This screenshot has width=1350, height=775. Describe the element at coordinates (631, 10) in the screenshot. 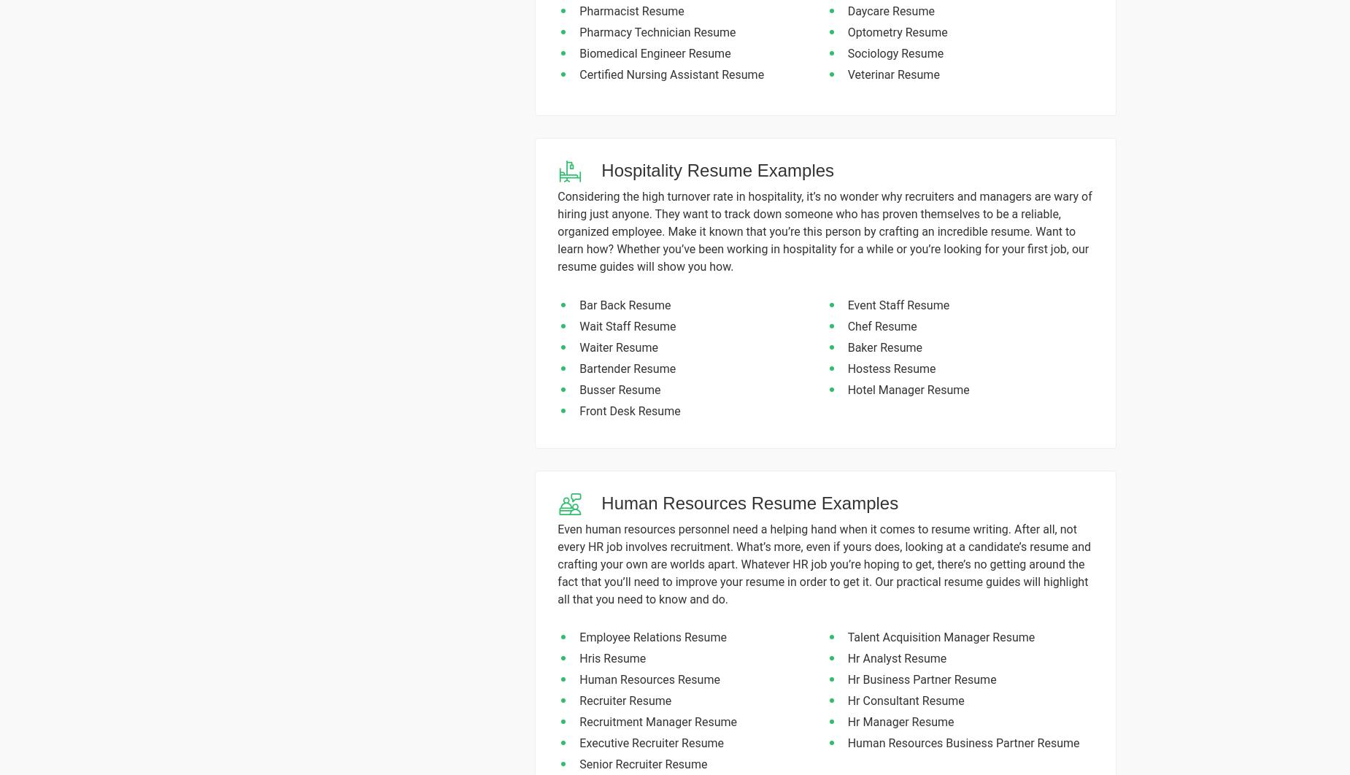

I see `'Pharmacist Resume'` at that location.